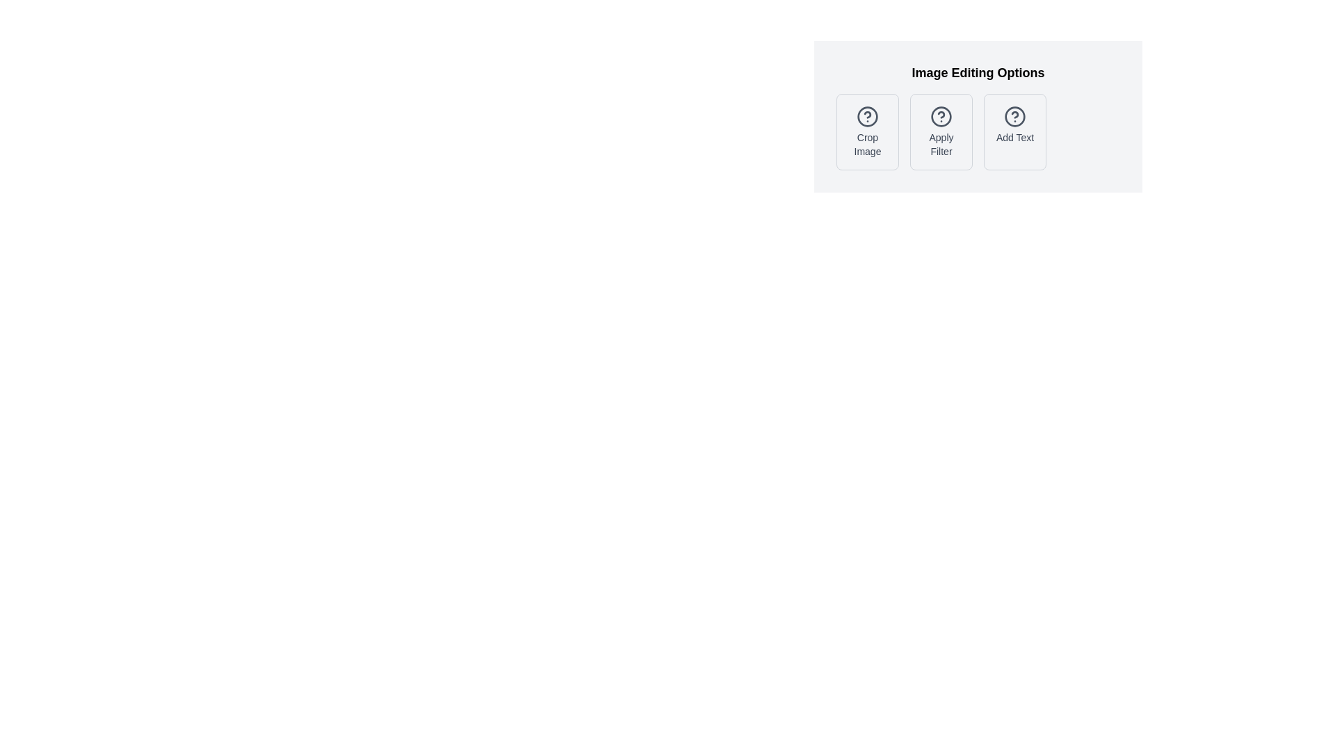  I want to click on the circular graphic element located within the 'Add Text' button in the 'Image Editing Options' section, so click(1014, 116).